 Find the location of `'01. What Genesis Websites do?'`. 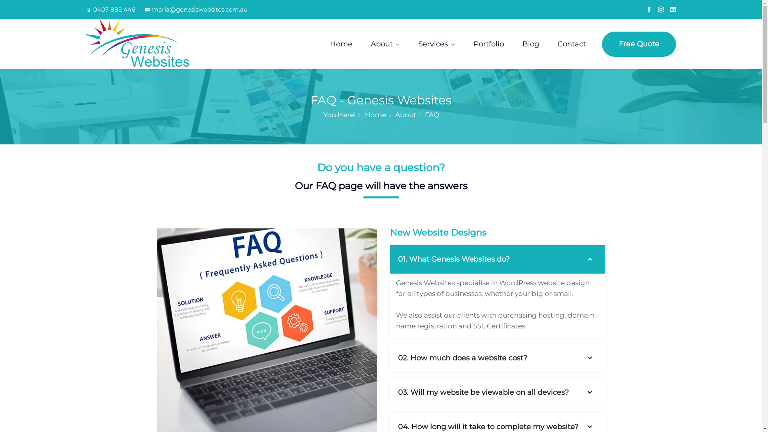

'01. What Genesis Websites do?' is located at coordinates (497, 259).